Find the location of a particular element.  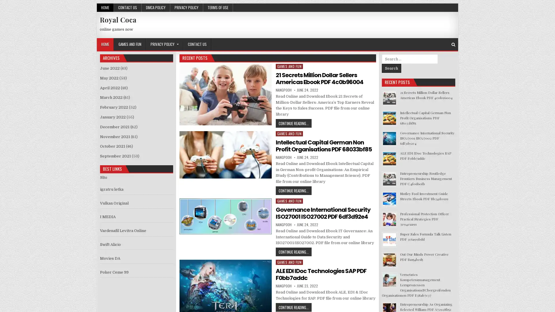

Search is located at coordinates (391, 68).